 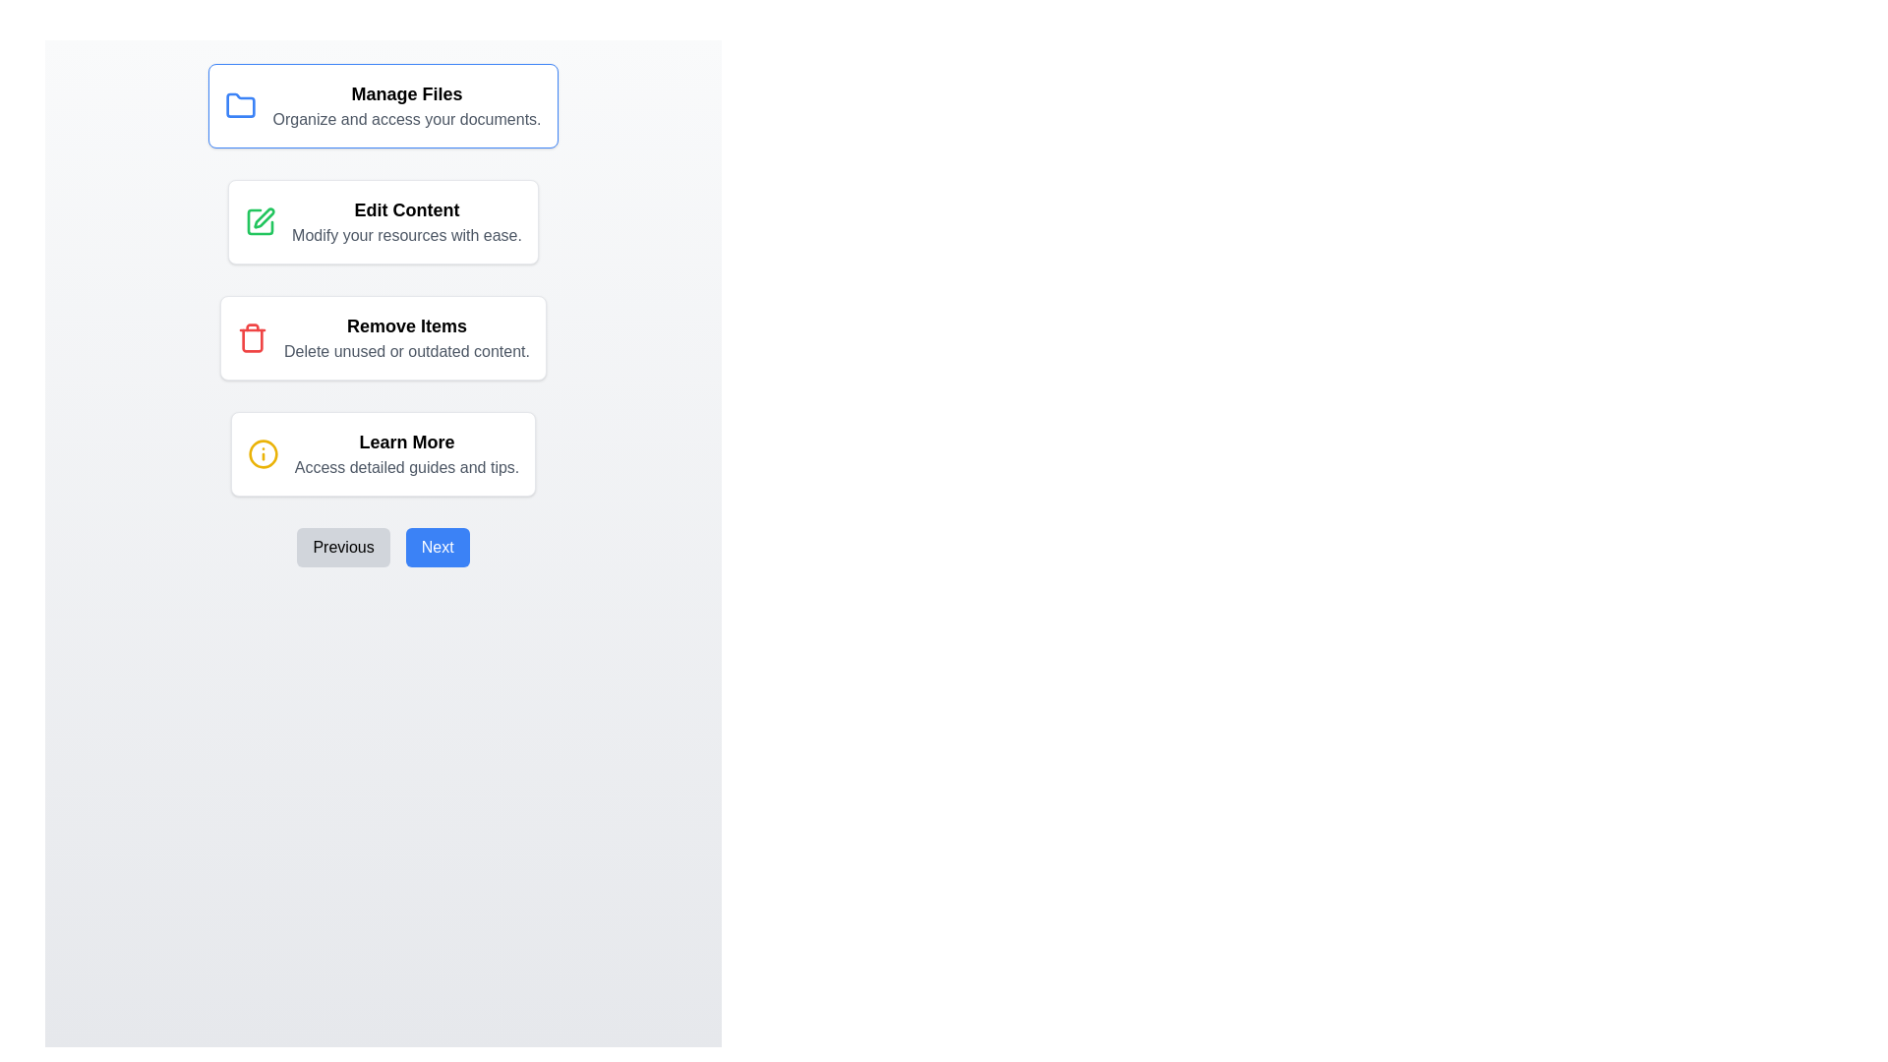 What do you see at coordinates (405, 120) in the screenshot?
I see `the text element that reads 'Organize and access your documents.' located immediately below the 'Manage Files' section` at bounding box center [405, 120].